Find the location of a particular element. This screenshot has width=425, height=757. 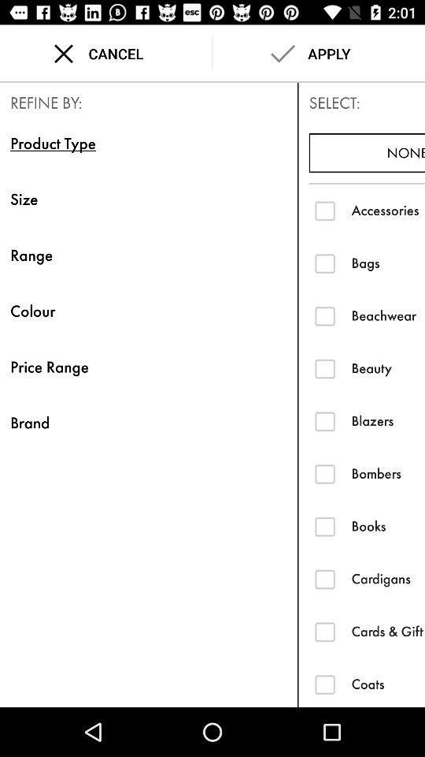

the blazers item is located at coordinates (387, 420).